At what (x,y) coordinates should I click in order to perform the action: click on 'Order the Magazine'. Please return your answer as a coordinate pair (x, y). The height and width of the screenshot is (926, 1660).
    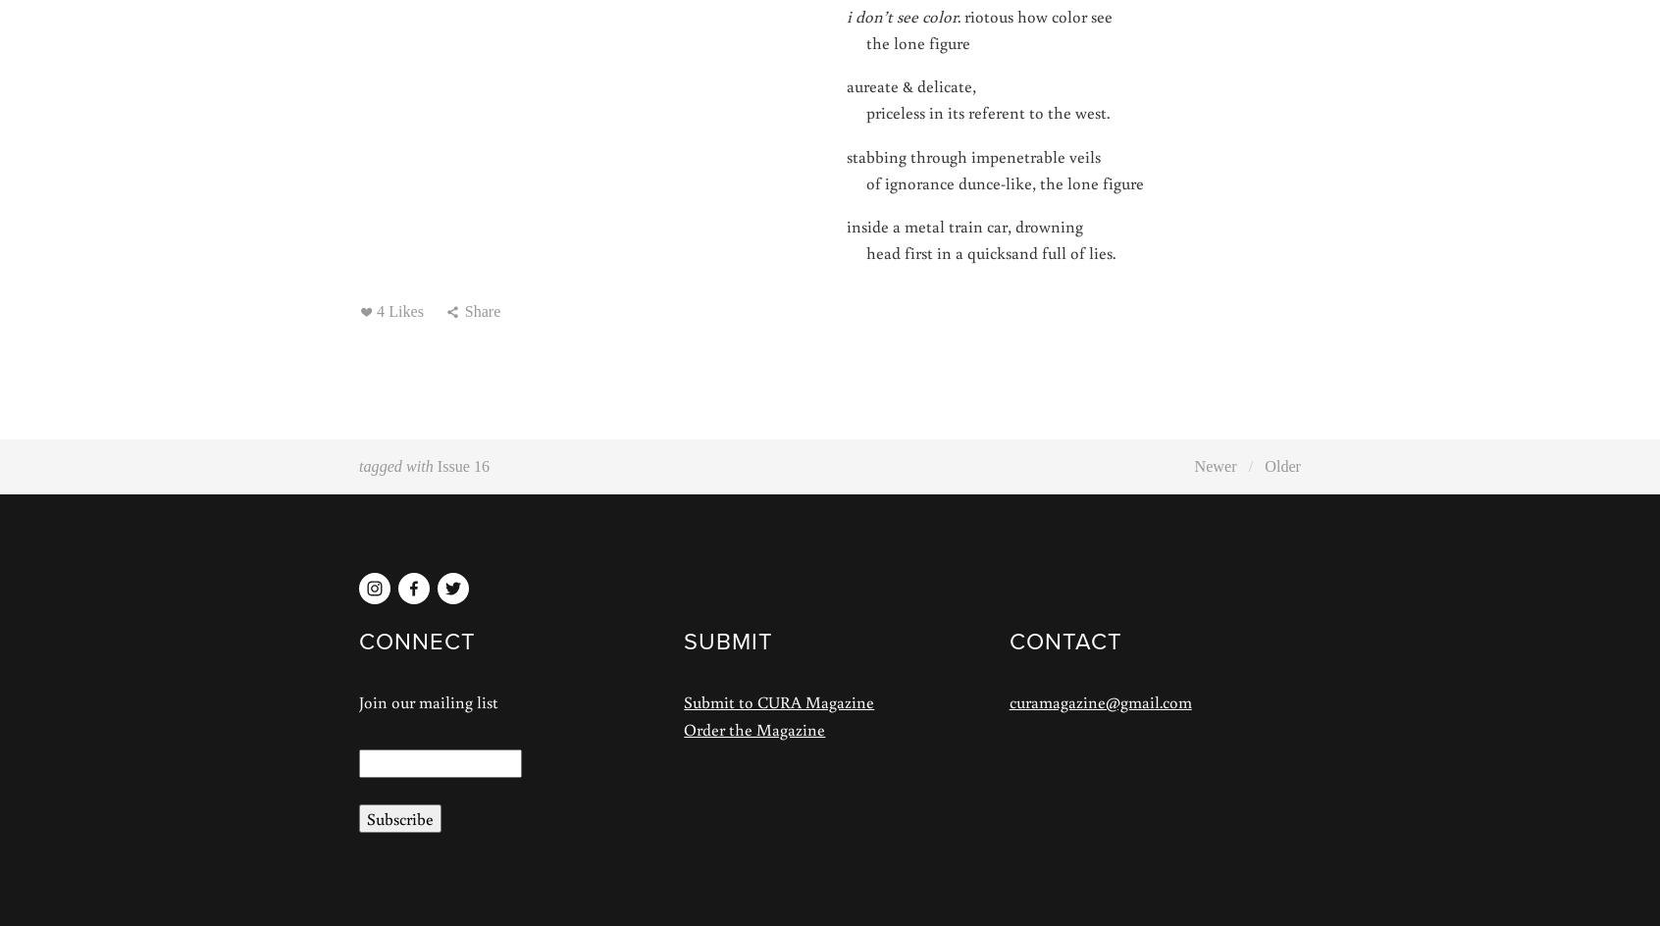
    Looking at the image, I should click on (683, 728).